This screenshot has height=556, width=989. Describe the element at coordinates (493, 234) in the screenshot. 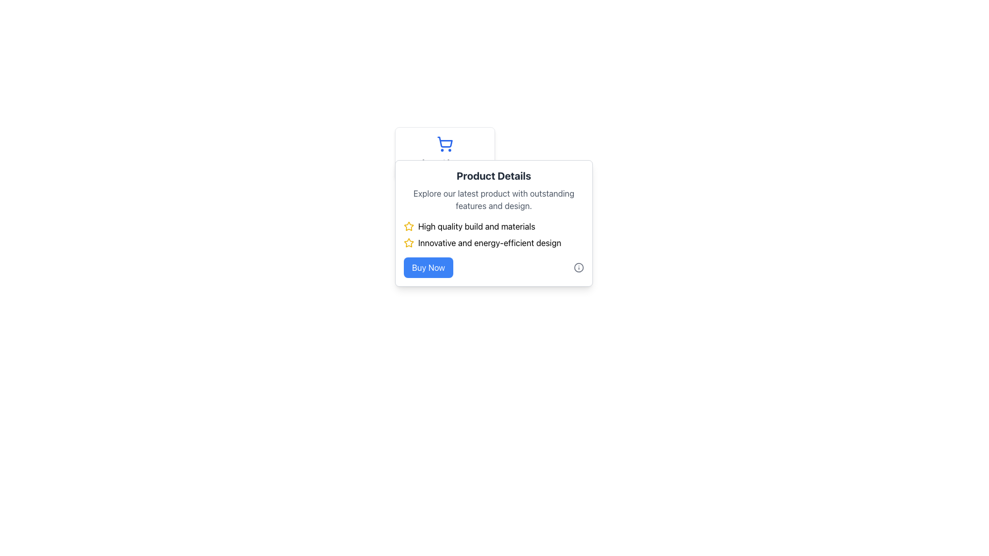

I see `the Text with Icon List containing 'High quality build and materials' and 'Innovative and energy-efficient design', which is located within the 'Product Details' card, positioned below the introductory text and above the 'Buy Now' button` at that location.